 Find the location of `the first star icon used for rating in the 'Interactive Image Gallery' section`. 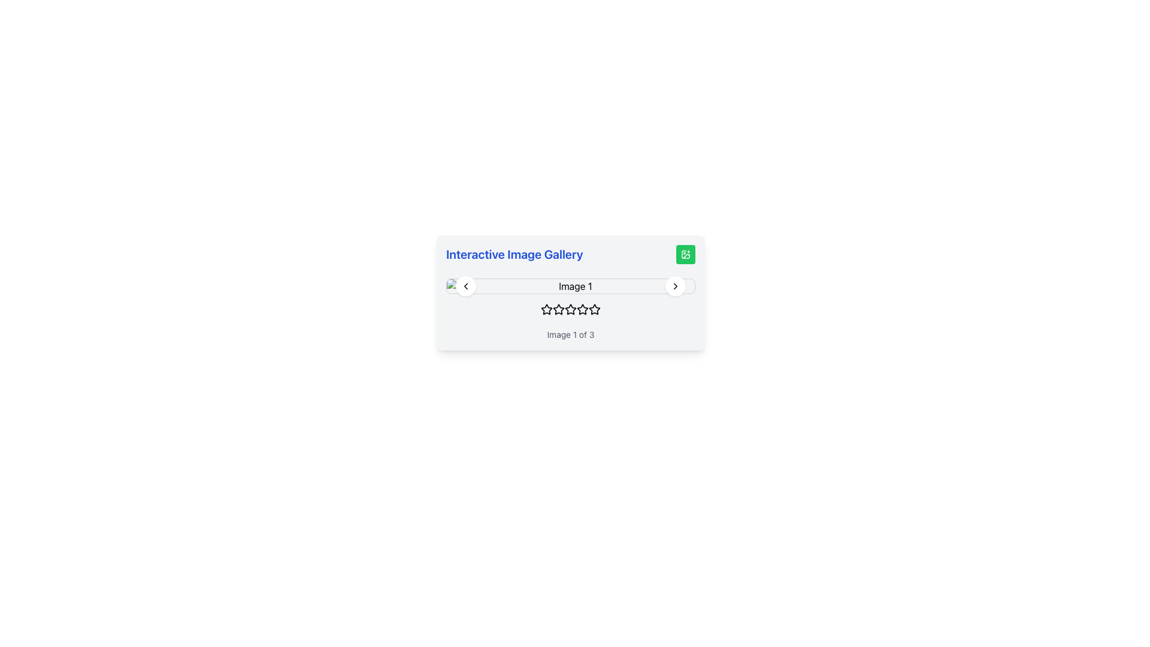

the first star icon used for rating in the 'Interactive Image Gallery' section is located at coordinates (546, 309).